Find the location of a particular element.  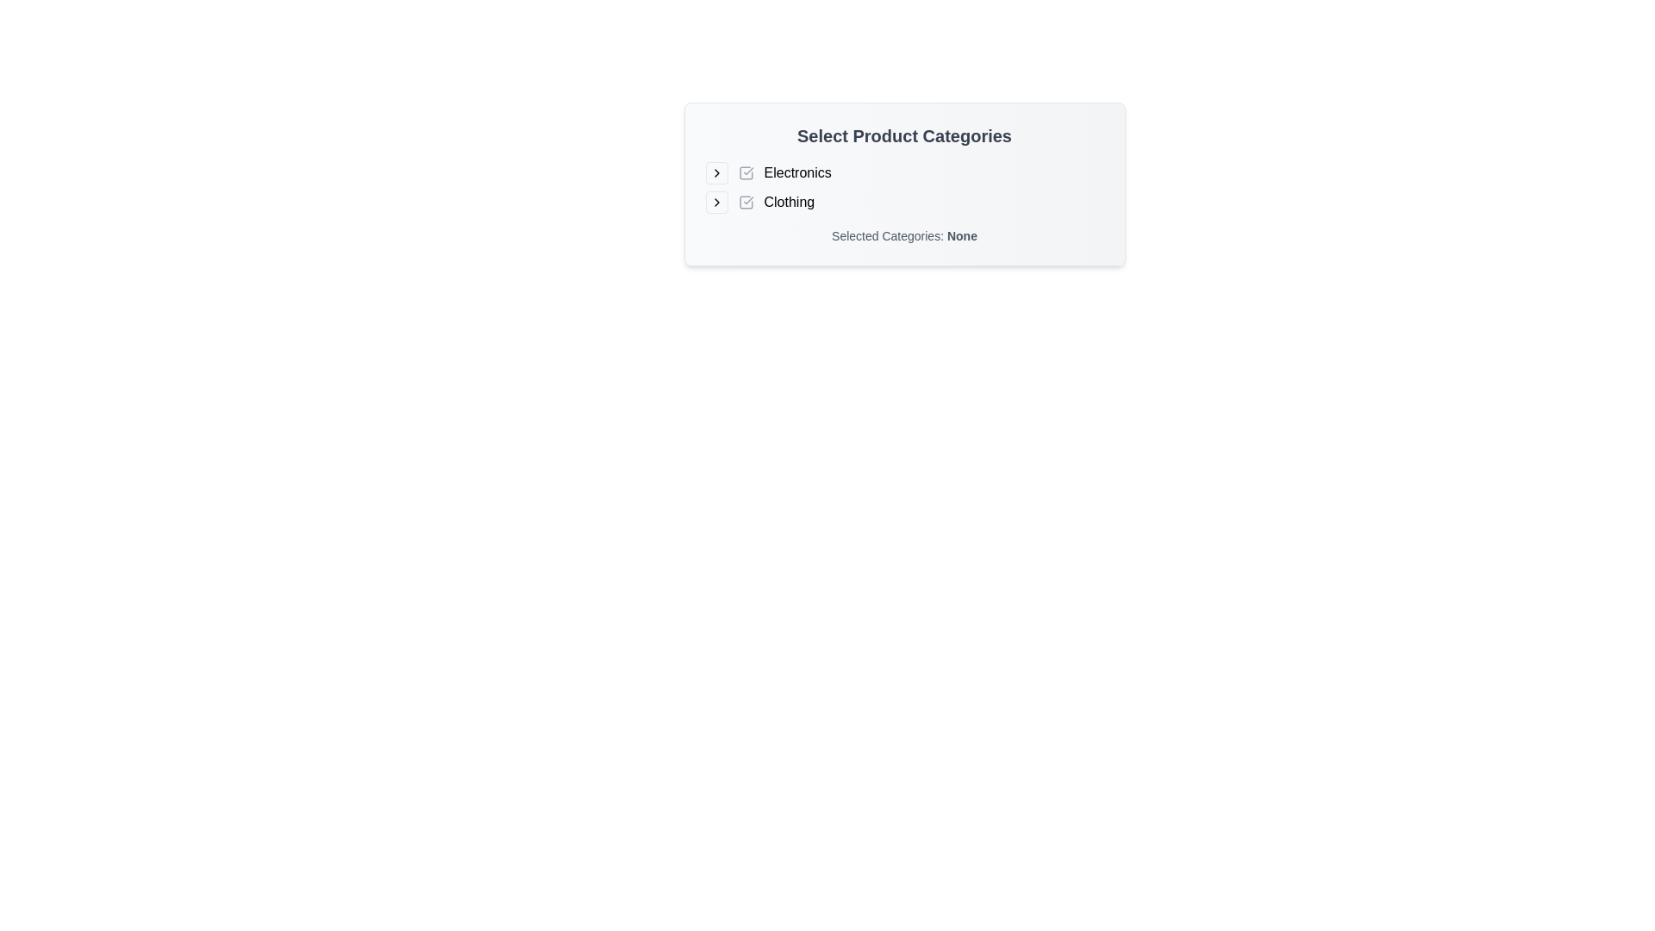

the small rightward arrow-shaped button with a light gray border is located at coordinates (716, 172).